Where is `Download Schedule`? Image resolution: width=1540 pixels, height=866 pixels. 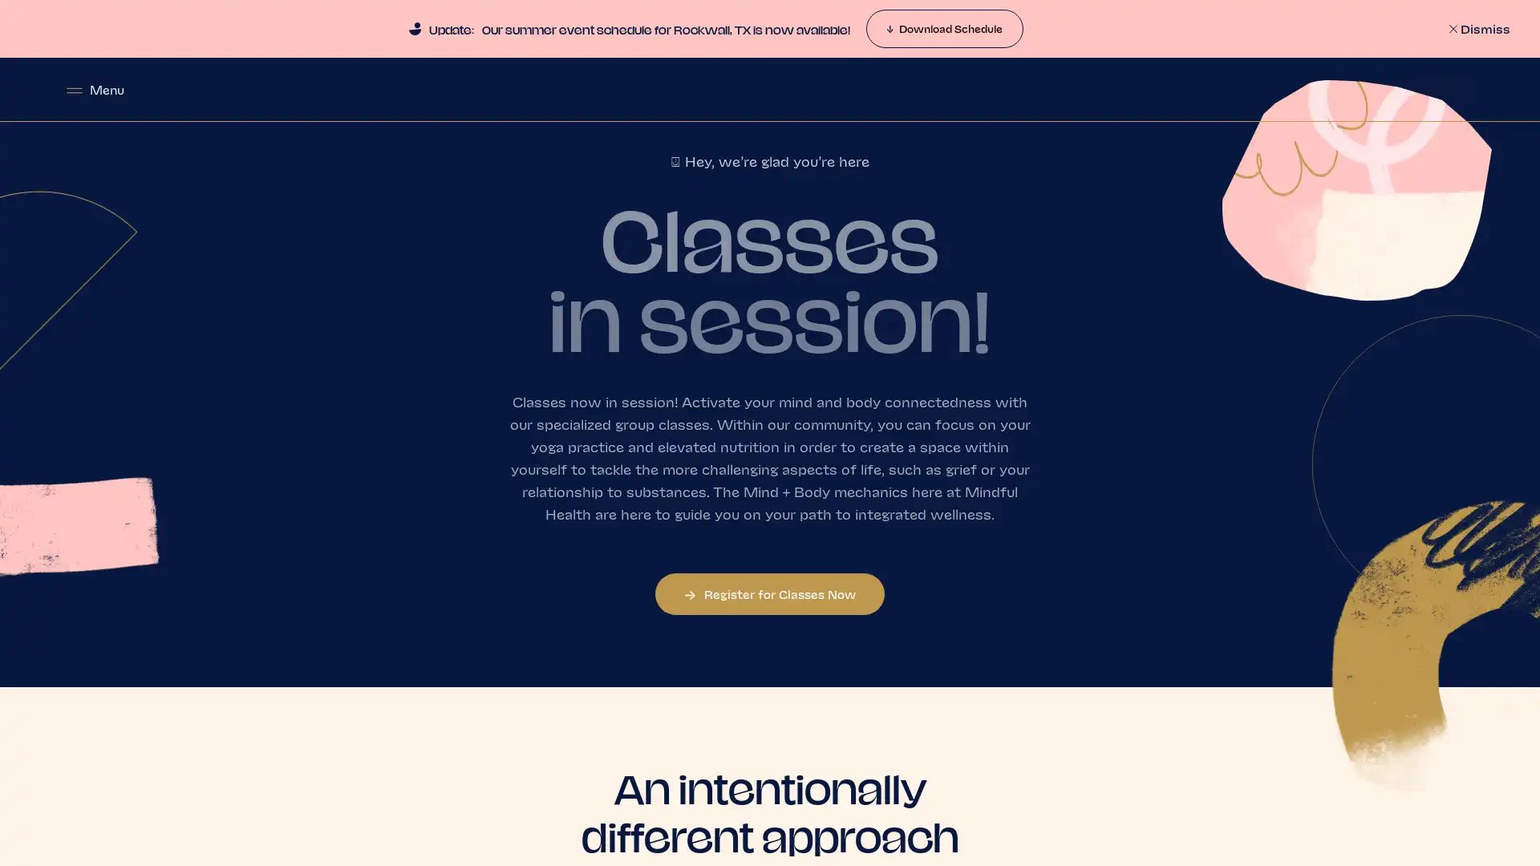 Download Schedule is located at coordinates (943, 28).